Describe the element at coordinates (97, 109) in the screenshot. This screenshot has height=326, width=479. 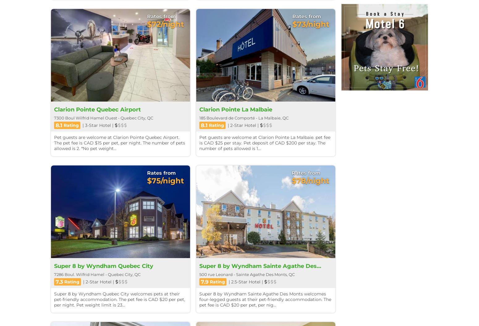
I see `'Clarion Pointe Quebec Airport'` at that location.